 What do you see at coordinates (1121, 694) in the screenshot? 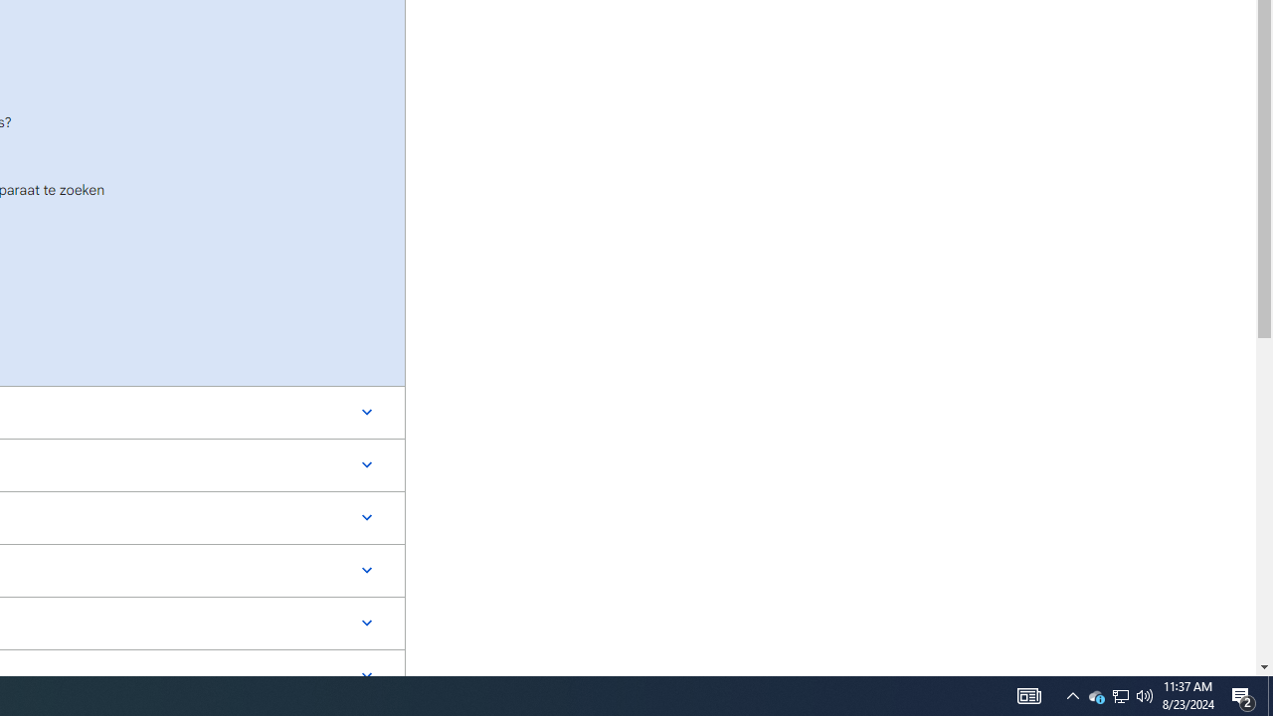
I see `'Notification Chevron'` at bounding box center [1121, 694].